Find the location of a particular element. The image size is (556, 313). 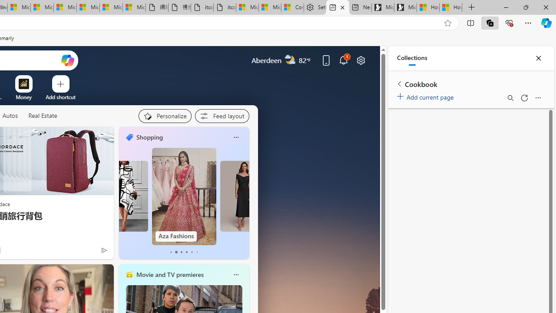

'Feed settings' is located at coordinates (222, 116).